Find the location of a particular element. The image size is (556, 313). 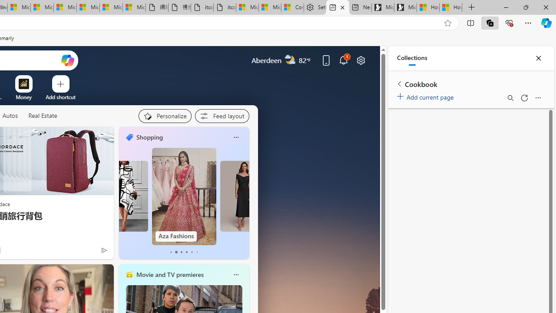

'Feed settings' is located at coordinates (222, 116).